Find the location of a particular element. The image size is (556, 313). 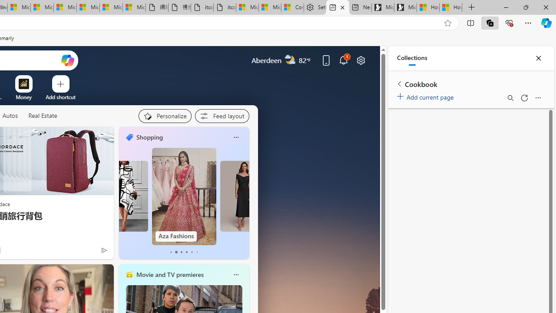

'Feed settings' is located at coordinates (222, 116).